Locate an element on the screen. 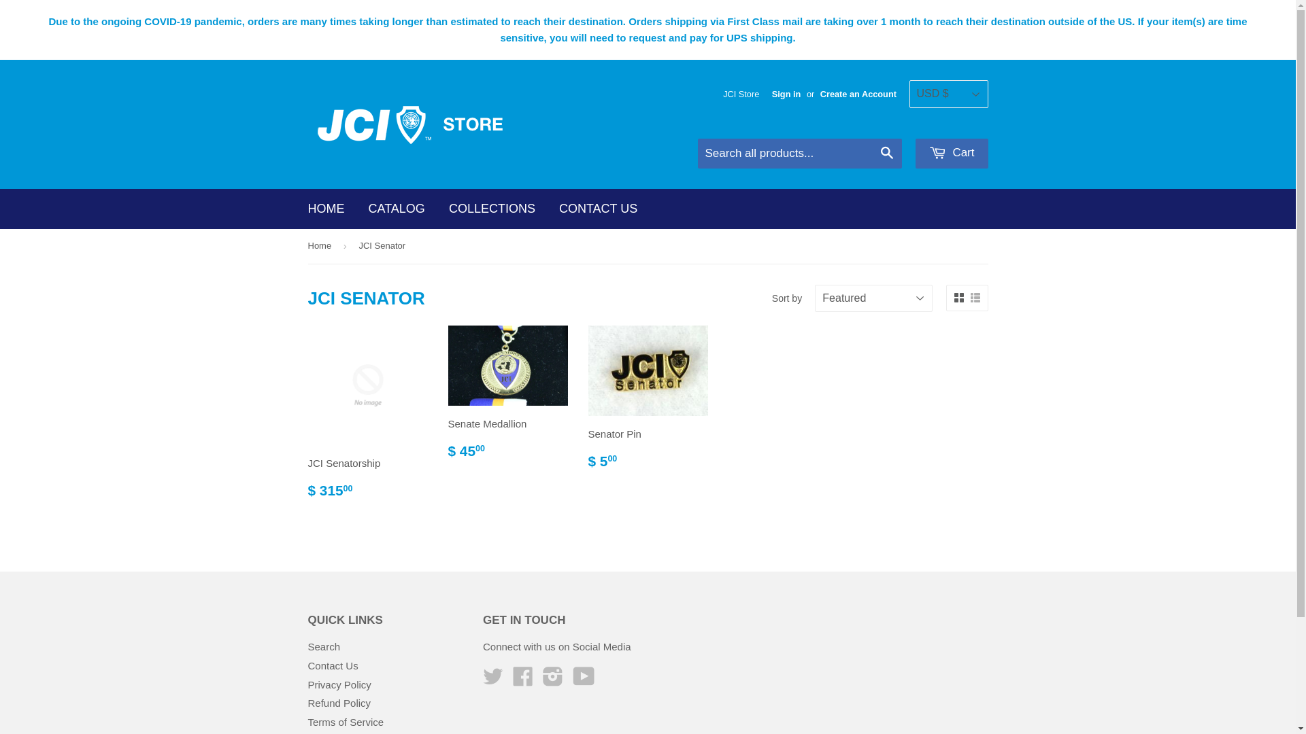  'Privacy Policy' is located at coordinates (339, 684).